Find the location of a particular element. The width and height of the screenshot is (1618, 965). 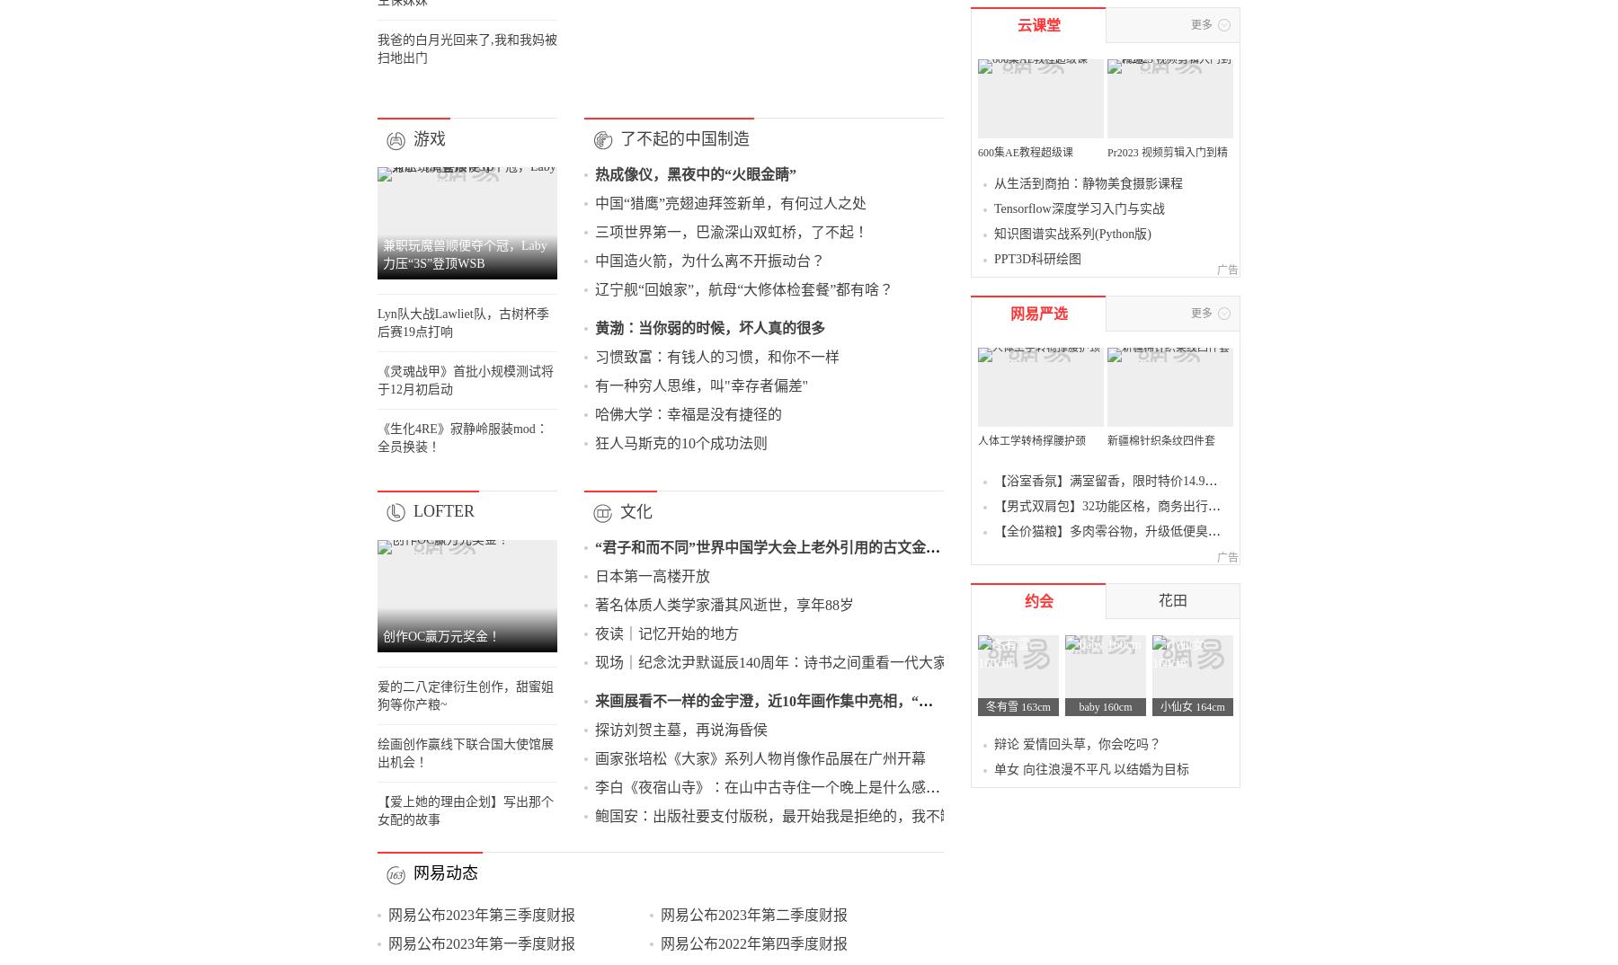

'Pr2023 视频剪辑入门到精通' is located at coordinates (1213, 569).